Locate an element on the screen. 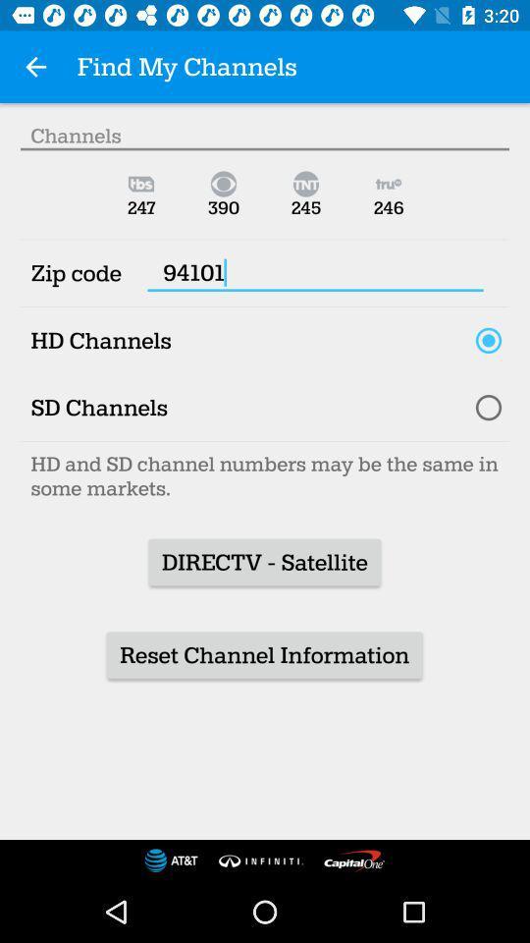  hd channels option is located at coordinates (487, 340).